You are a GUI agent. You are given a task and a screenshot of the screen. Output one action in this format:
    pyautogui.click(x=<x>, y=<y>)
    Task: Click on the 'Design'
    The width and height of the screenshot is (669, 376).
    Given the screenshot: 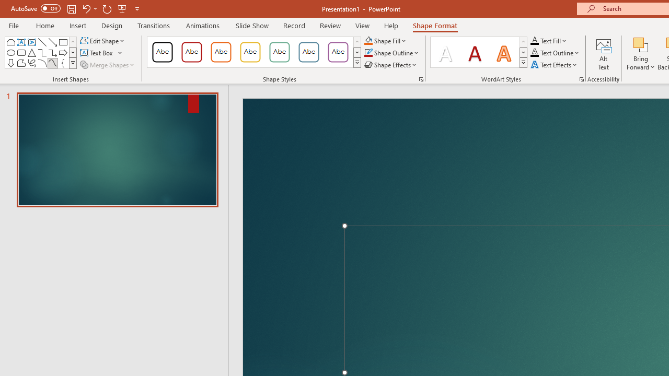 What is the action you would take?
    pyautogui.click(x=112, y=25)
    